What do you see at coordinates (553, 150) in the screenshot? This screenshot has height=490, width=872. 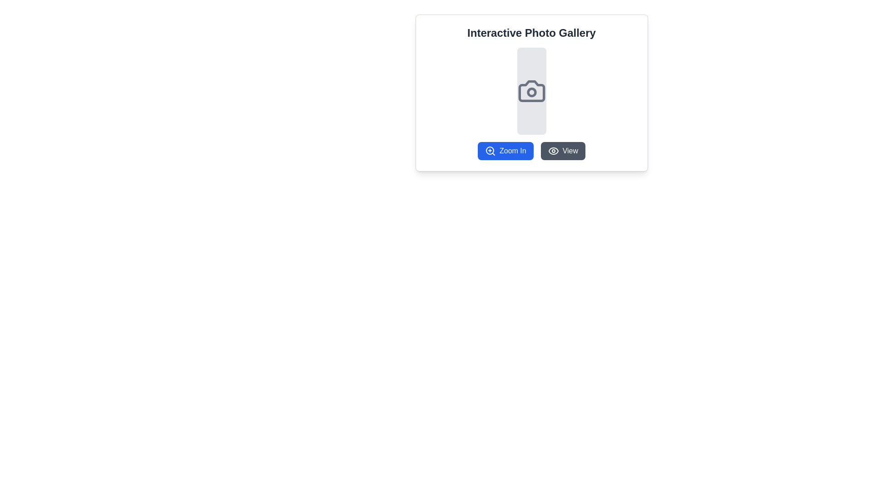 I see `the stylized eye icon located within the 'View' button at the bottom-right part of the interface, next to the blue 'Zoom In' button` at bounding box center [553, 150].